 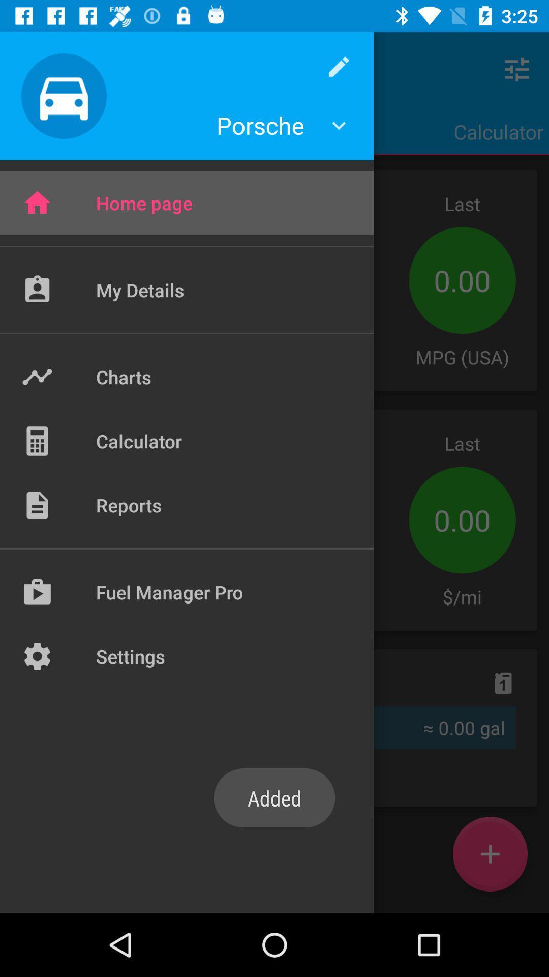 I want to click on the add icon, so click(x=490, y=854).